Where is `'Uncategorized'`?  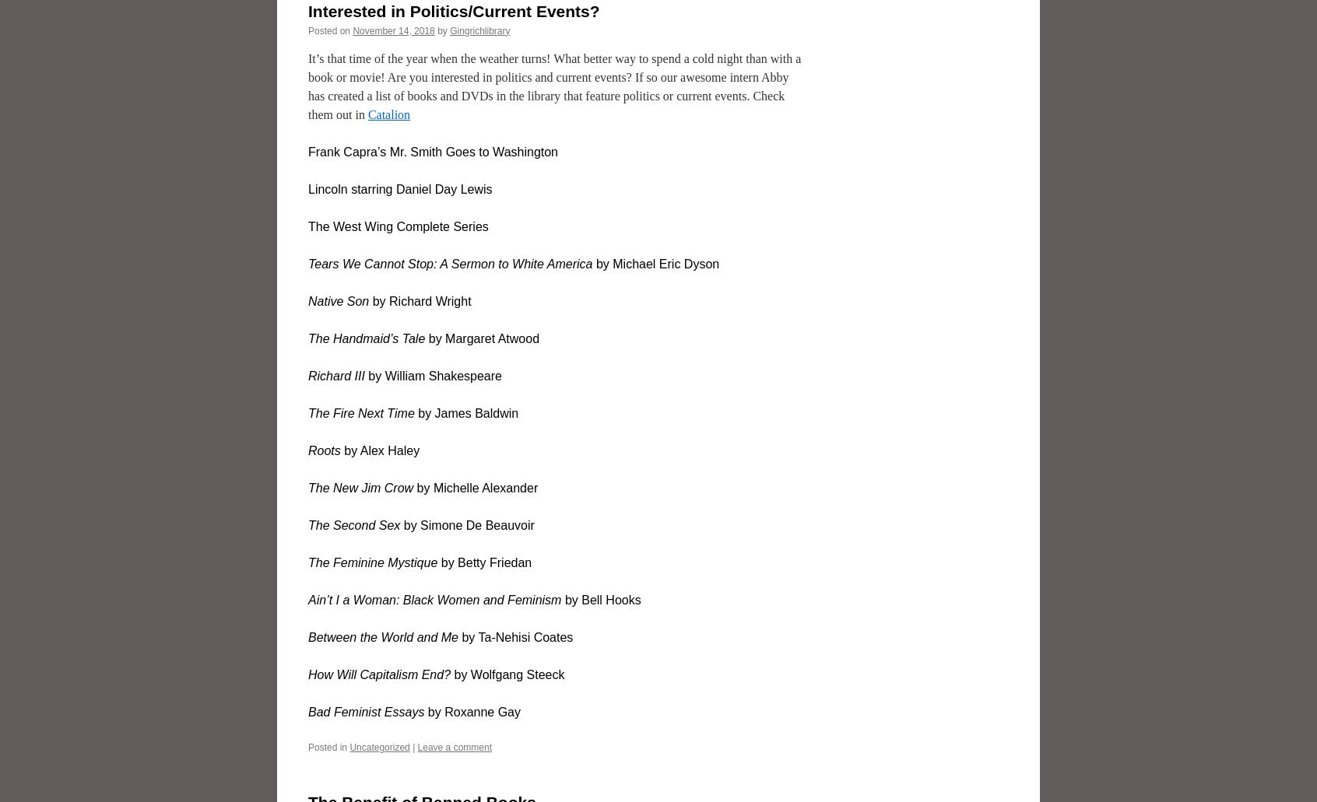
'Uncategorized' is located at coordinates (378, 745).